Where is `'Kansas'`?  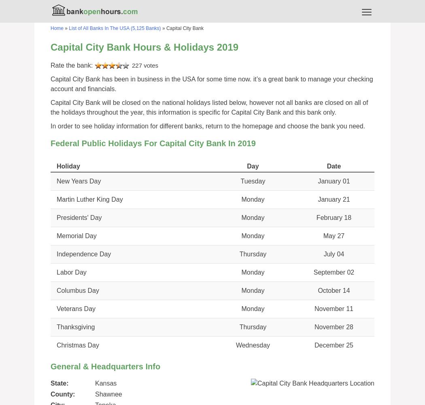 'Kansas' is located at coordinates (106, 383).